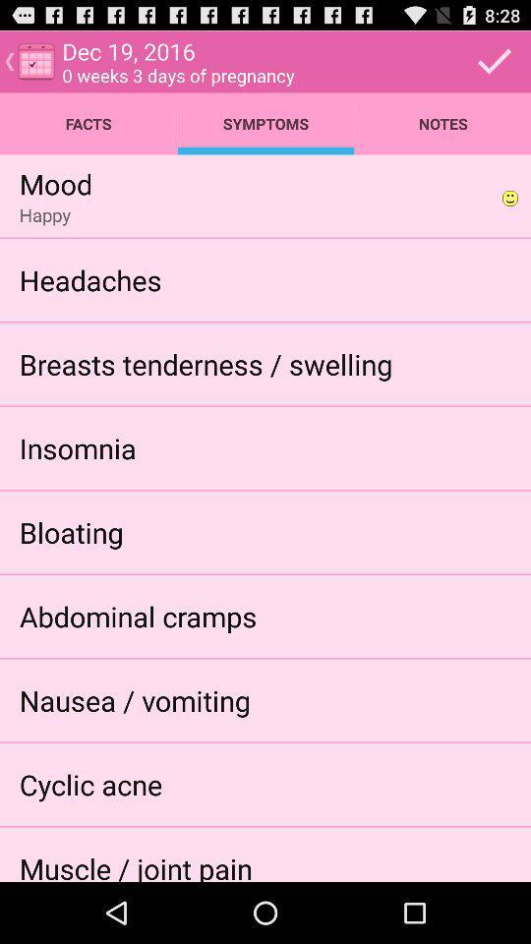  I want to click on icon below the happy item, so click(89, 278).